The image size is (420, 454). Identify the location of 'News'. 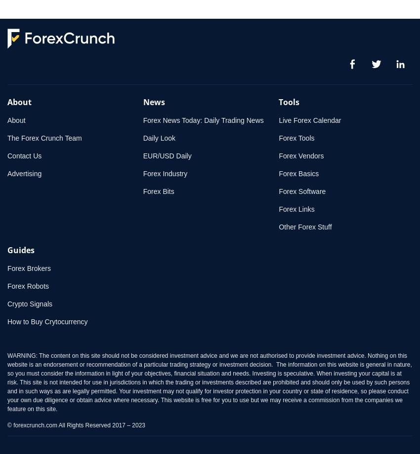
(142, 102).